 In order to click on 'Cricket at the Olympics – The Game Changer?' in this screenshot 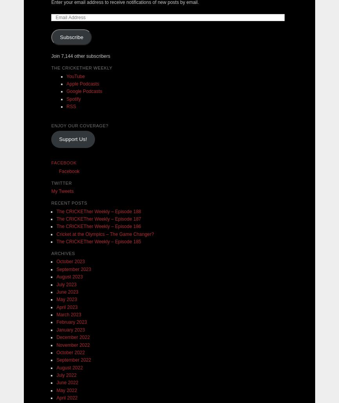, I will do `click(105, 234)`.